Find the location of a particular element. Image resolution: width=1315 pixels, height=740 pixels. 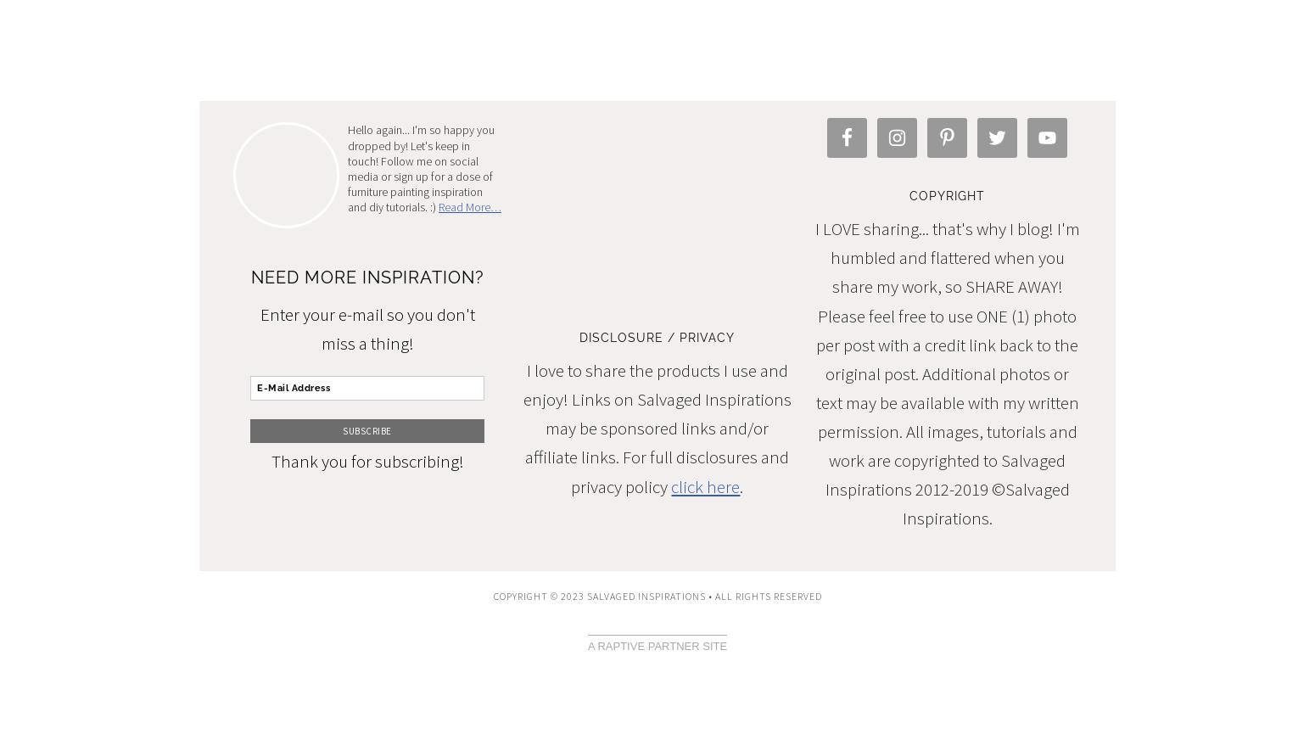

'click here' is located at coordinates (704, 485).